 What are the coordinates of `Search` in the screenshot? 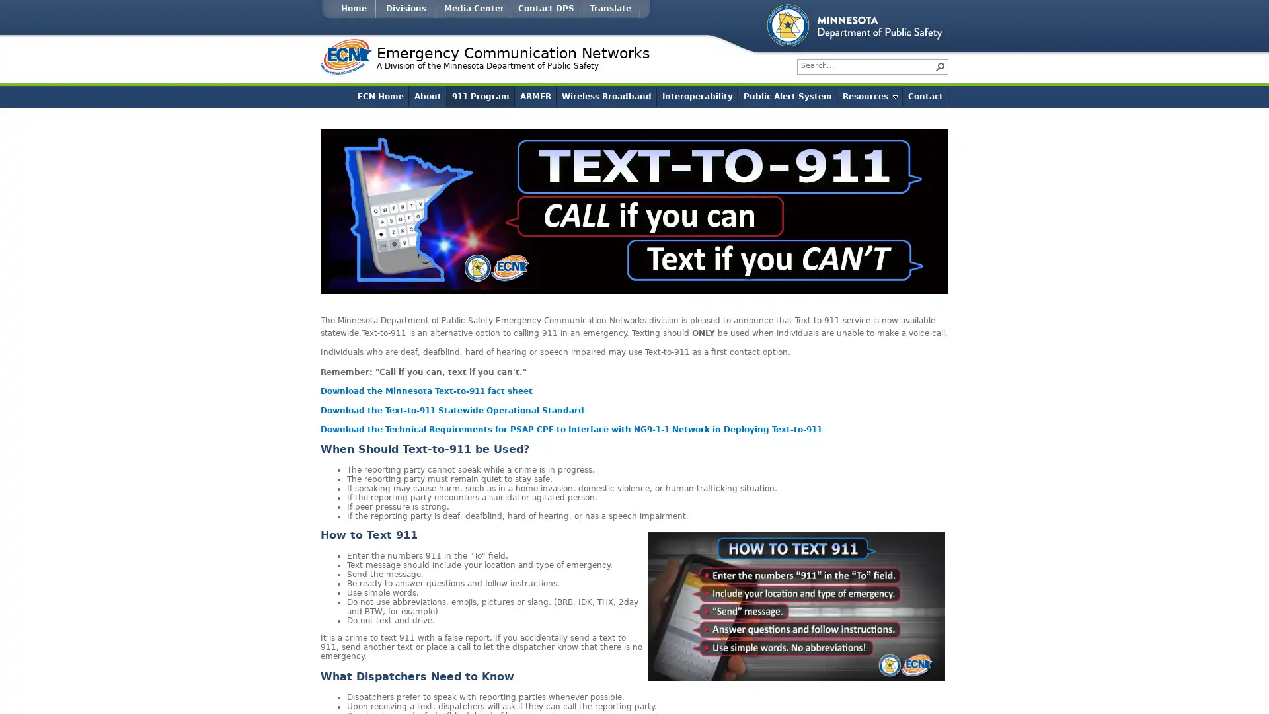 It's located at (939, 66).